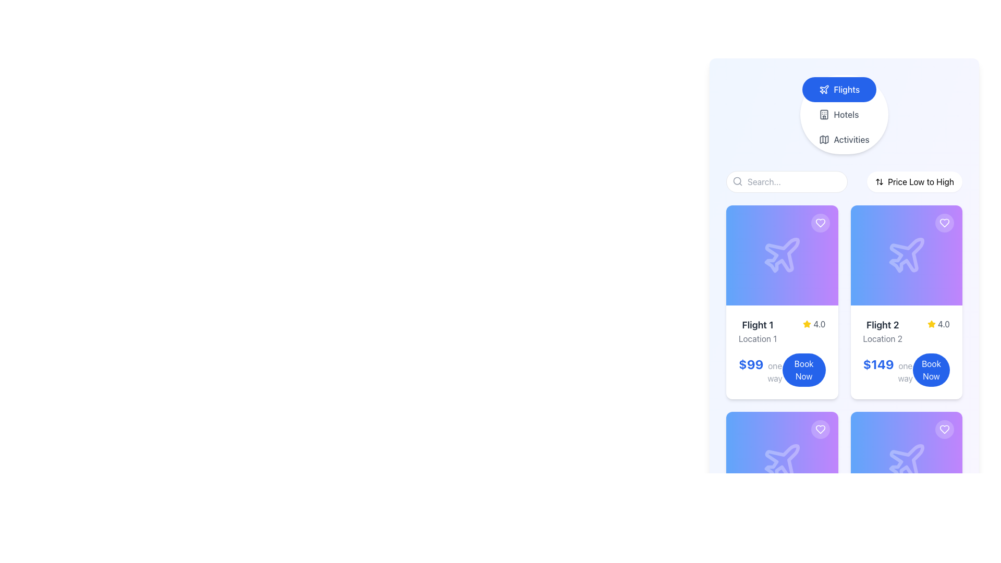 This screenshot has width=1001, height=563. I want to click on the Rating display located in the top-right corner of the second card labeled 'Flight 2, Location 2', which visually combines a star graphic and numerical score, so click(938, 323).